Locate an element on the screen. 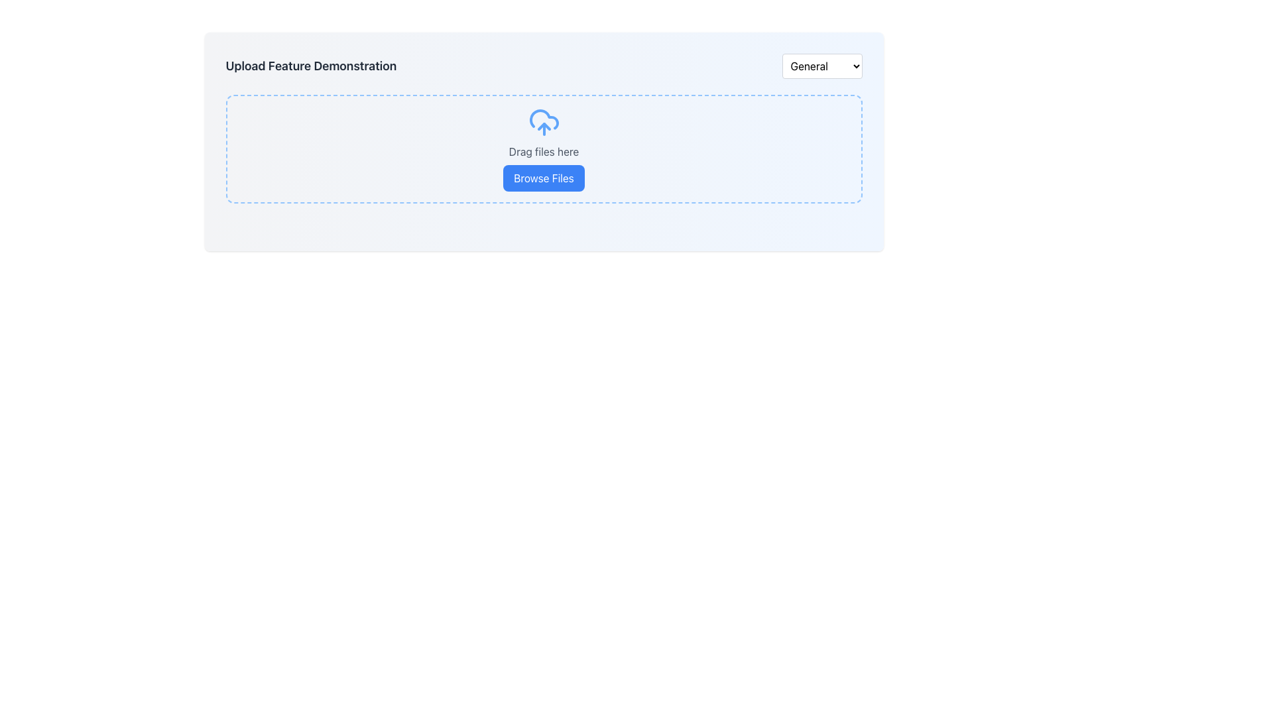 This screenshot has width=1273, height=716. the rectangular button with a blue background labeled 'Browse Files' to change its shade, located below the text 'Drag files here' is located at coordinates (544, 178).